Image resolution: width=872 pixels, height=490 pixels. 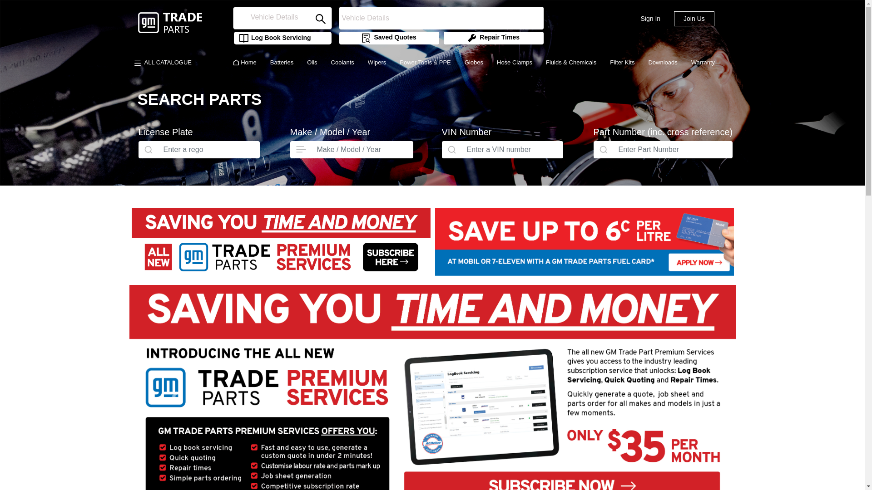 I want to click on 'Filter Kits', so click(x=621, y=62).